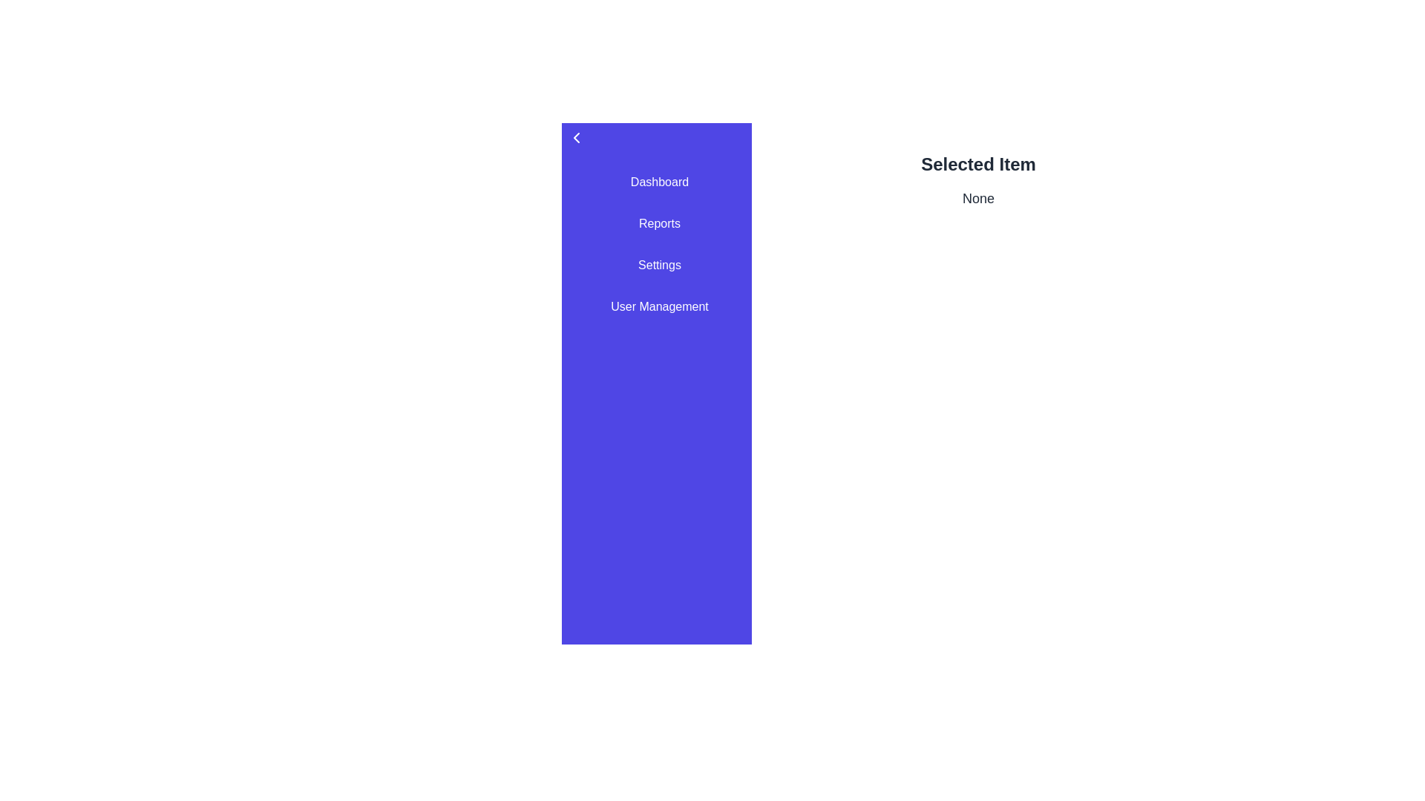 The height and width of the screenshot is (801, 1425). What do you see at coordinates (576, 137) in the screenshot?
I see `the left-pointing chevron icon located in the top-left corner of the vertical menu` at bounding box center [576, 137].